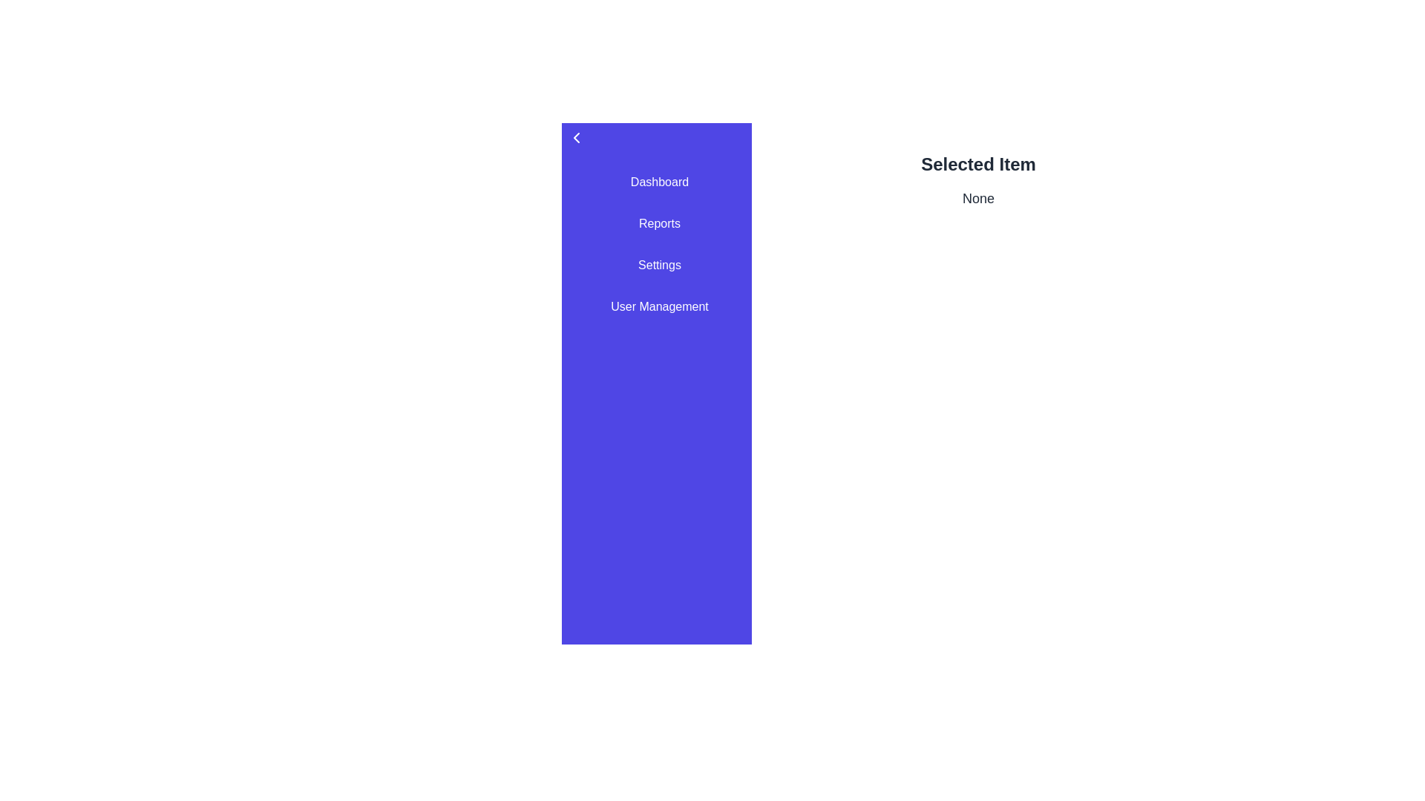 The height and width of the screenshot is (801, 1425). What do you see at coordinates (576, 137) in the screenshot?
I see `the left-pointing chevron icon located in the top-left corner of the vertical menu` at bounding box center [576, 137].